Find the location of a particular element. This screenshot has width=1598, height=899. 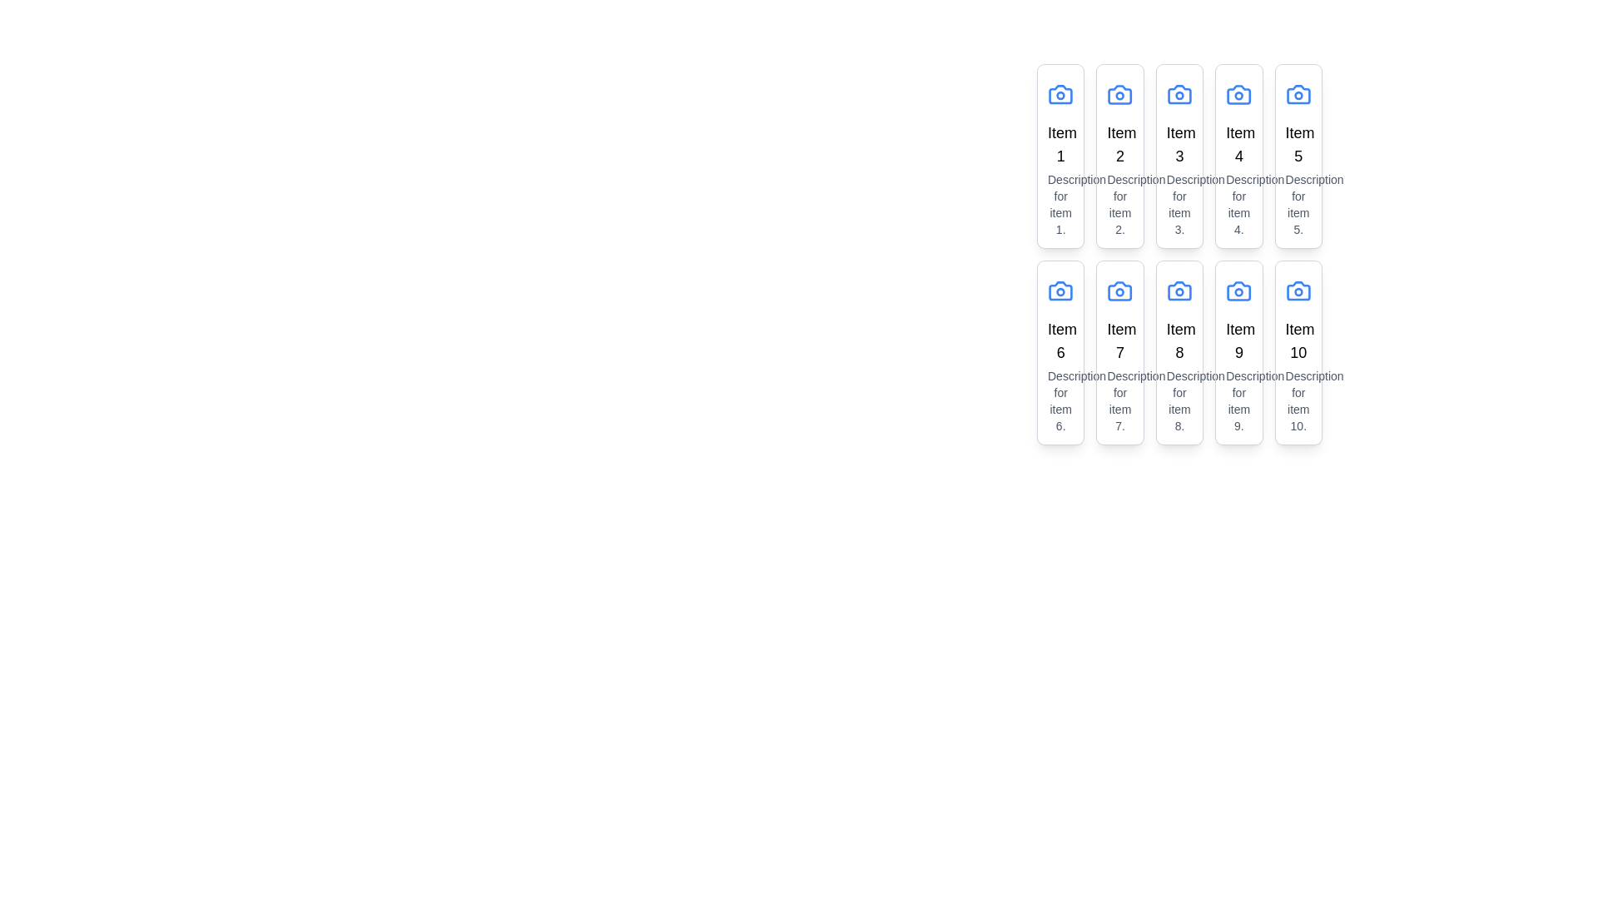

the visual card displaying an item in the second row, third column of the grid is located at coordinates (1179, 352).